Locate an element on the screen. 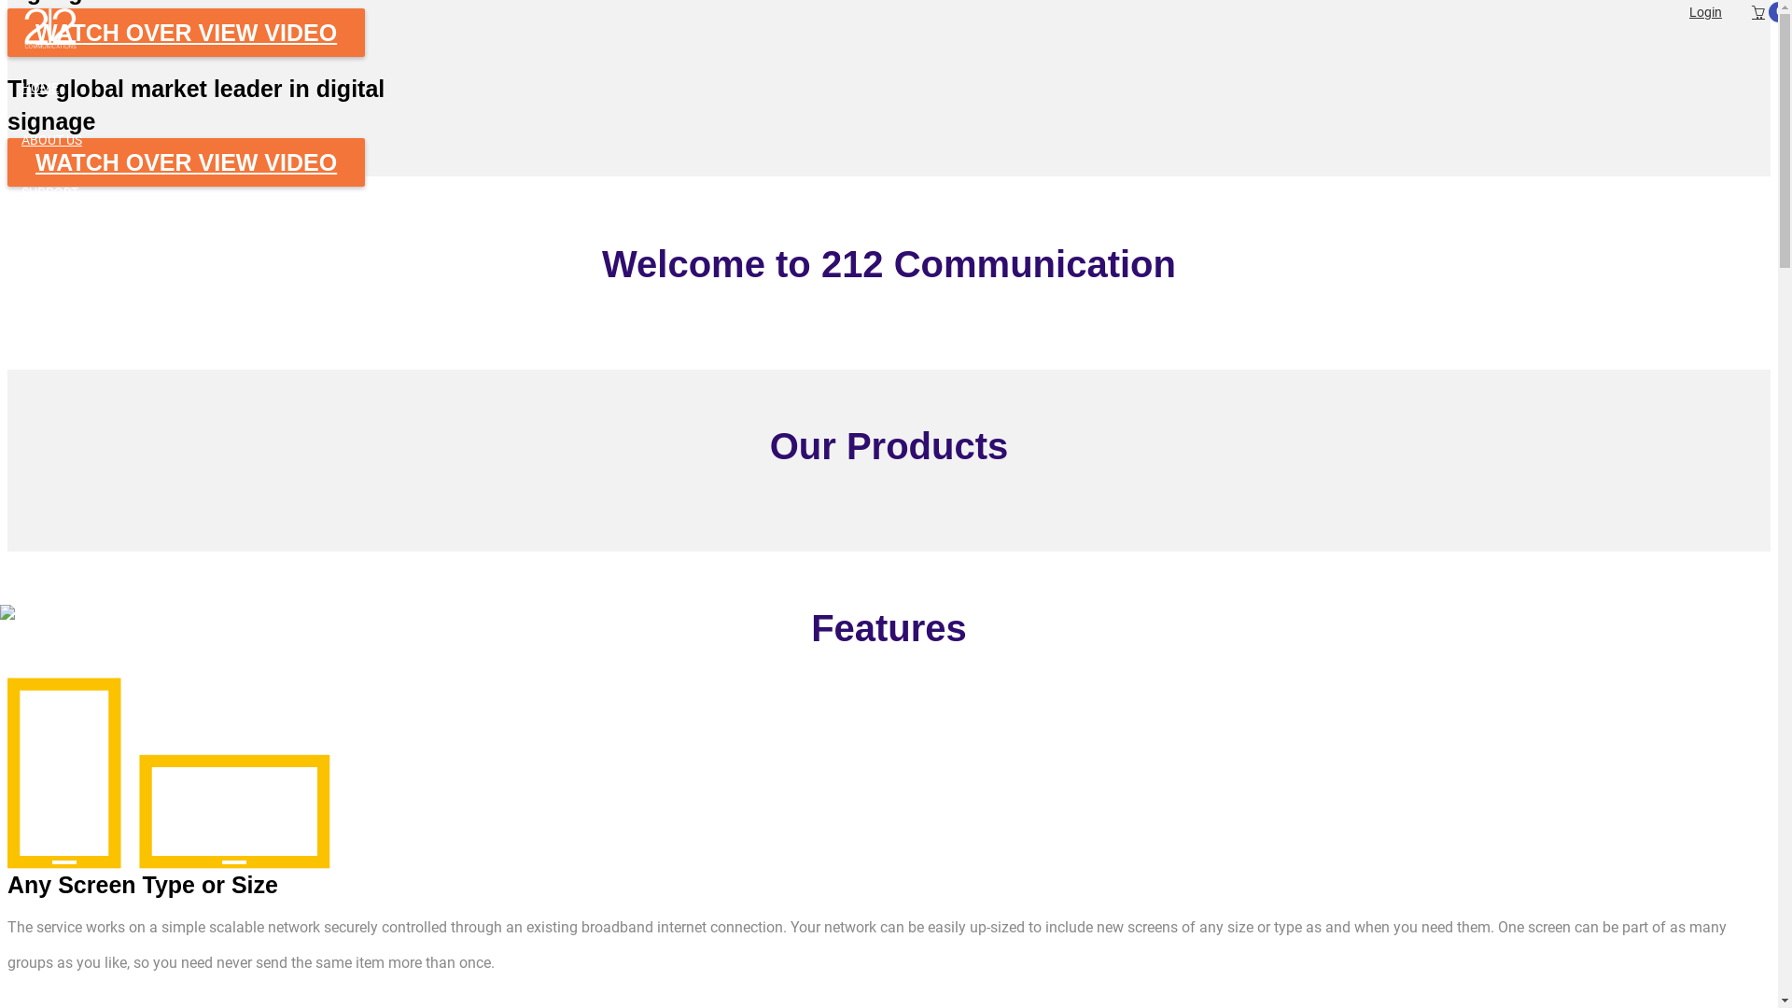  'CONTACT US' is located at coordinates (899, 295).